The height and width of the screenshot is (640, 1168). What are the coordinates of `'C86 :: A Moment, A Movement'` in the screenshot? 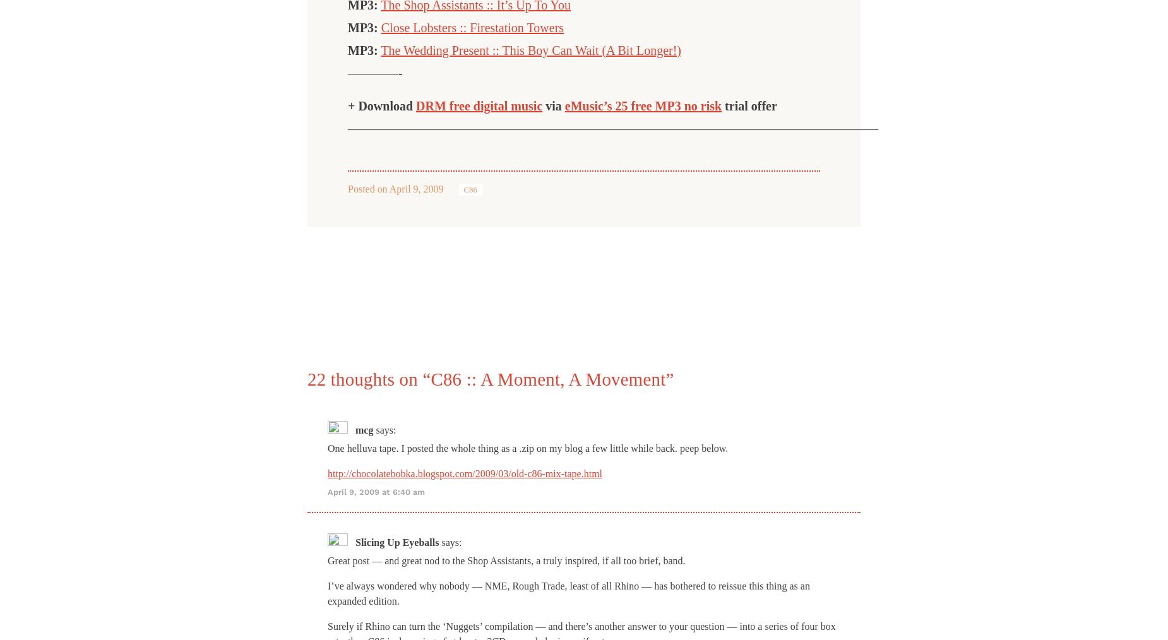 It's located at (548, 379).